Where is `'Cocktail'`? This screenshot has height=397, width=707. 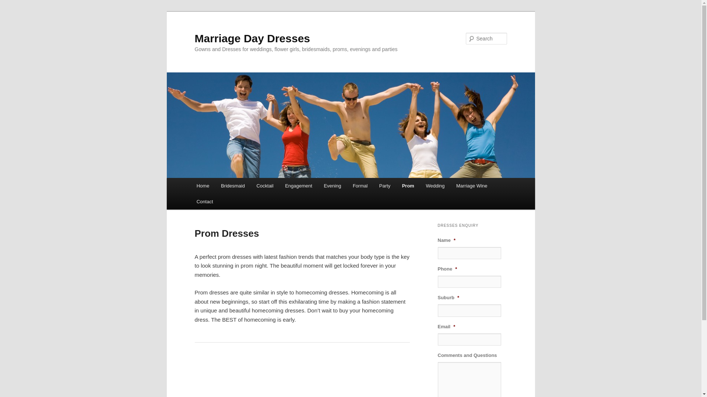
'Cocktail' is located at coordinates (265, 185).